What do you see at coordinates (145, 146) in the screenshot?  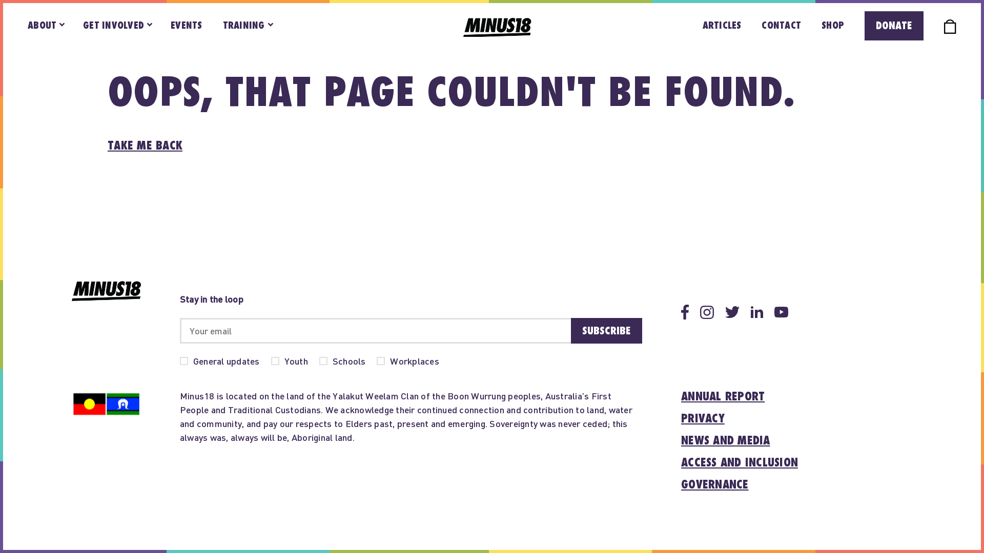 I see `'TAKE ME BACK'` at bounding box center [145, 146].